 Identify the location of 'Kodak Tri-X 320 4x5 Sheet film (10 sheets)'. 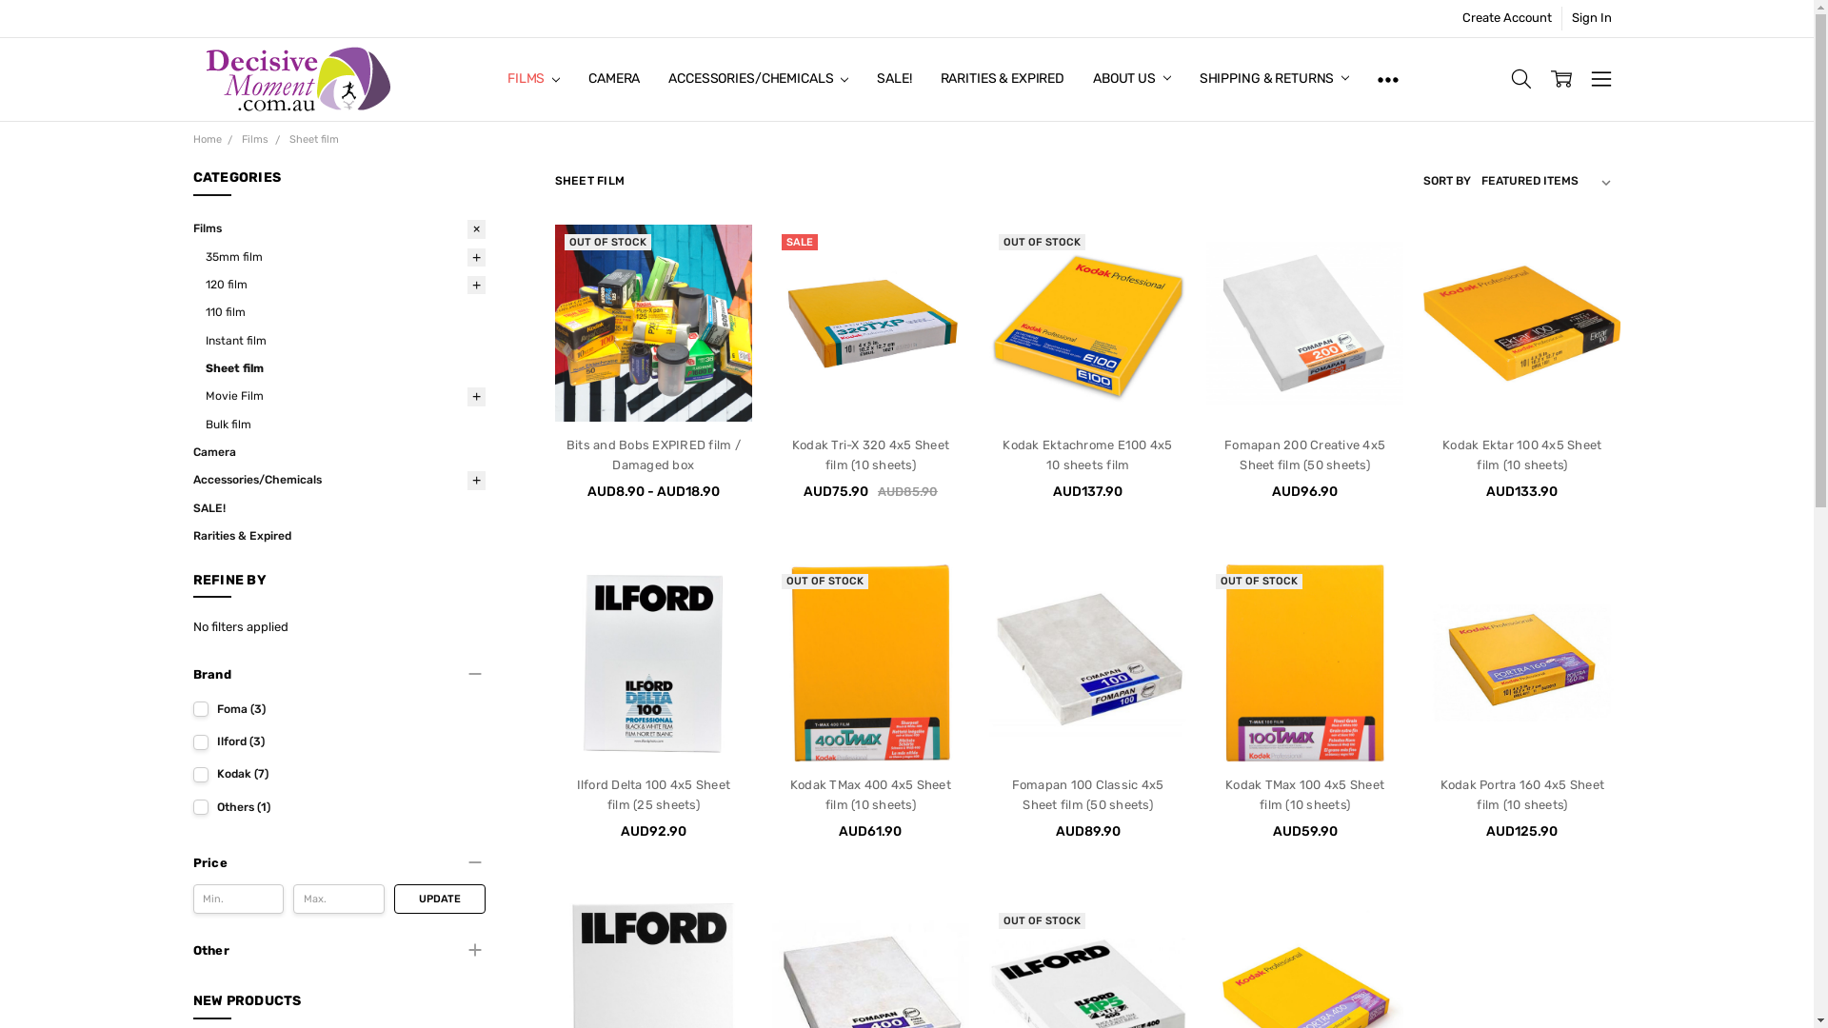
(791, 455).